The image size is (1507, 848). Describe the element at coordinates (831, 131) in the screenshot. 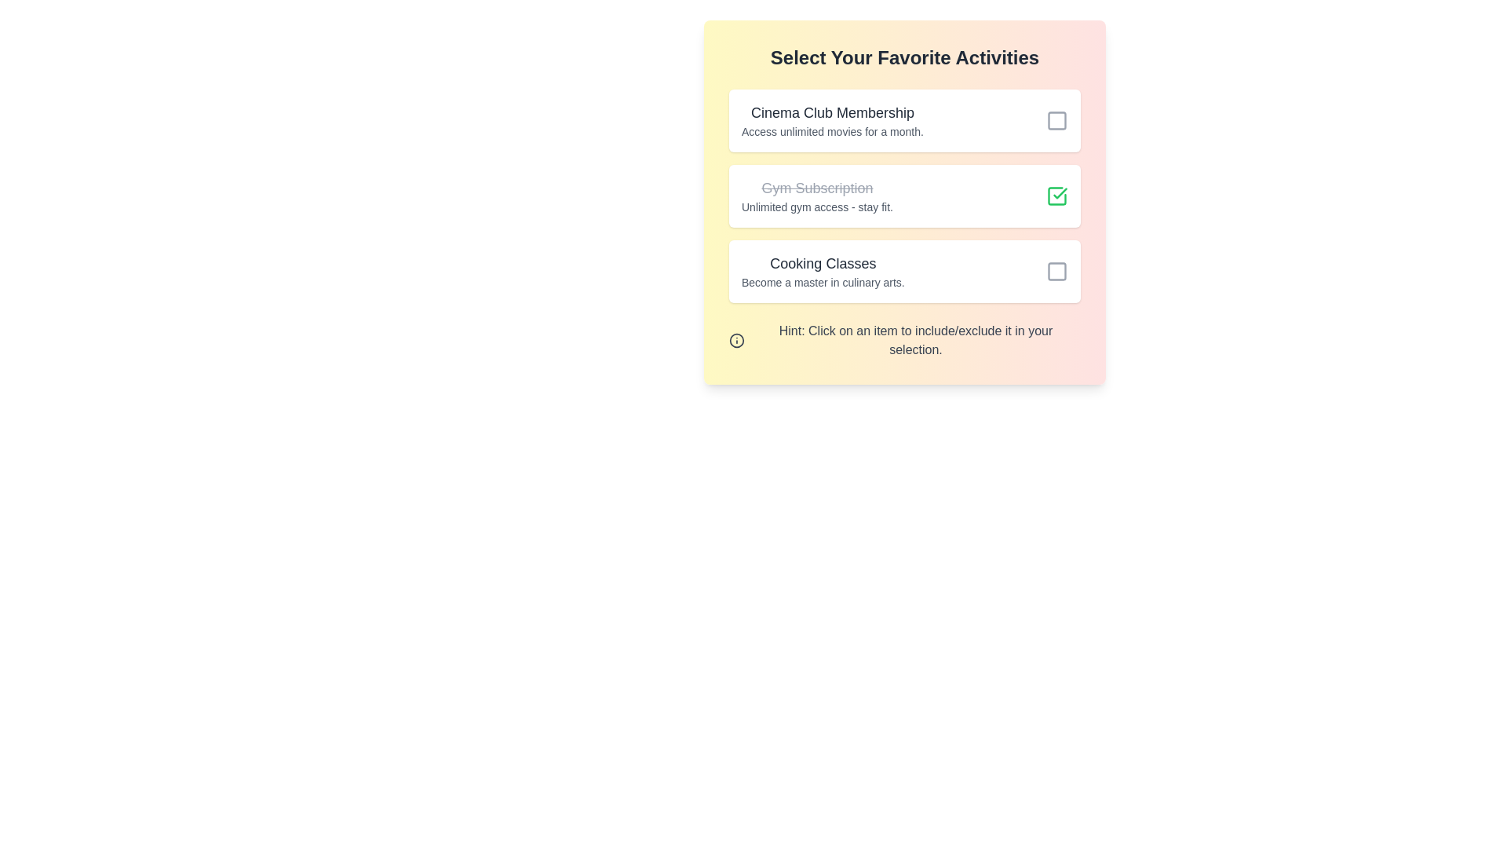

I see `the text element that says 'Access unlimited movies for a month.' which is styled in light gray and positioned beneath the 'Cinema Club Membership' heading` at that location.